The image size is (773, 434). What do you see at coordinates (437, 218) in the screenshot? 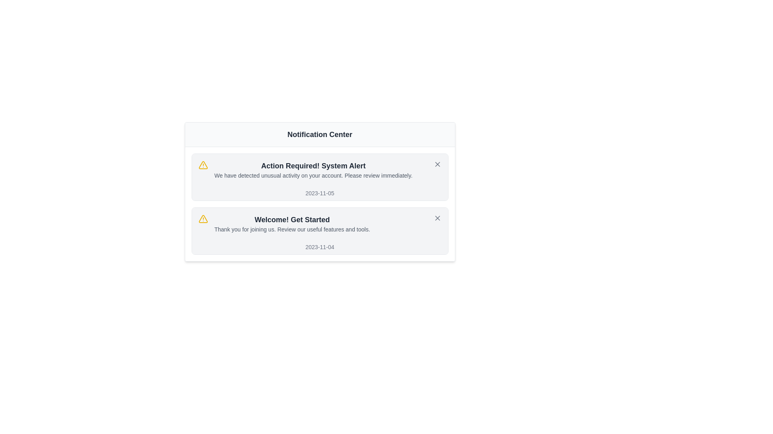
I see `the dismiss button located at the rightmost side of the notification box` at bounding box center [437, 218].